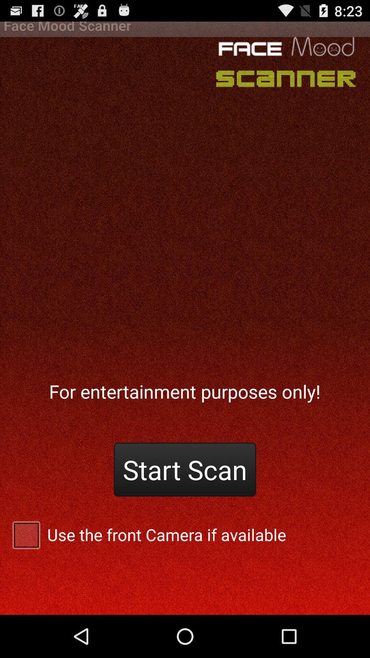  I want to click on icon above use the front icon, so click(185, 469).